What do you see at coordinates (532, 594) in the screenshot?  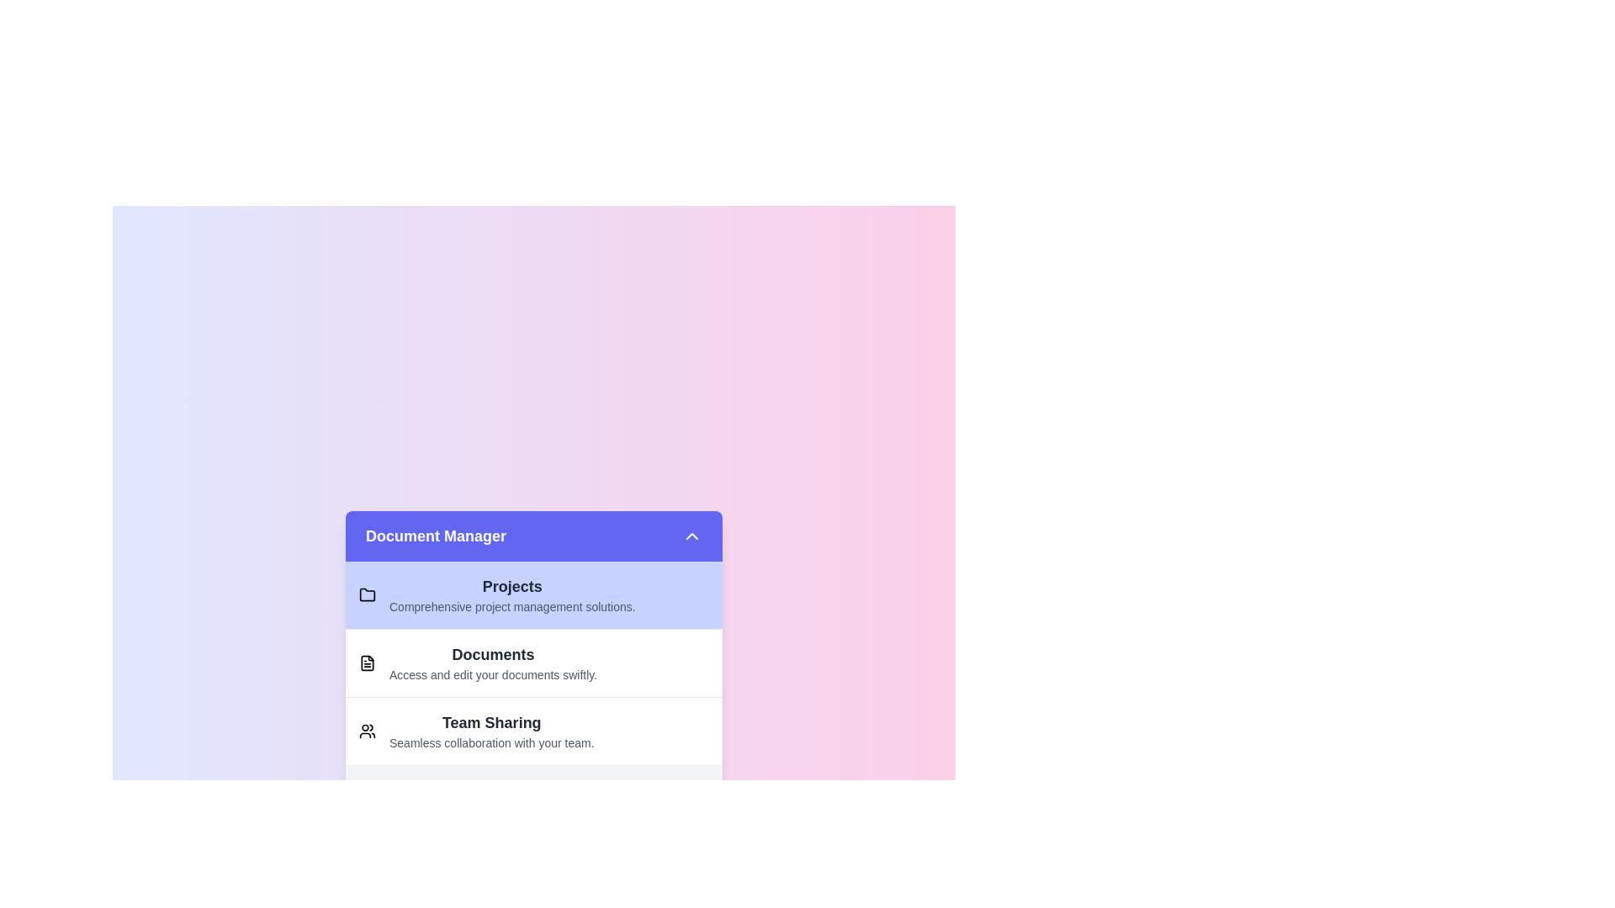 I see `the item Projects in the list to select it` at bounding box center [532, 594].